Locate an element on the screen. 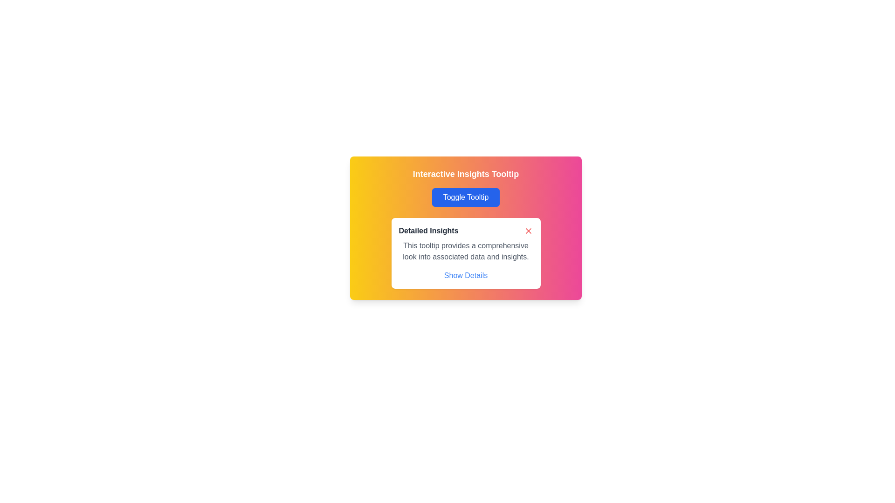 This screenshot has width=895, height=503. the text label displaying 'Detailed Insights' located in the header section of a tooltip-like card is located at coordinates (428, 231).